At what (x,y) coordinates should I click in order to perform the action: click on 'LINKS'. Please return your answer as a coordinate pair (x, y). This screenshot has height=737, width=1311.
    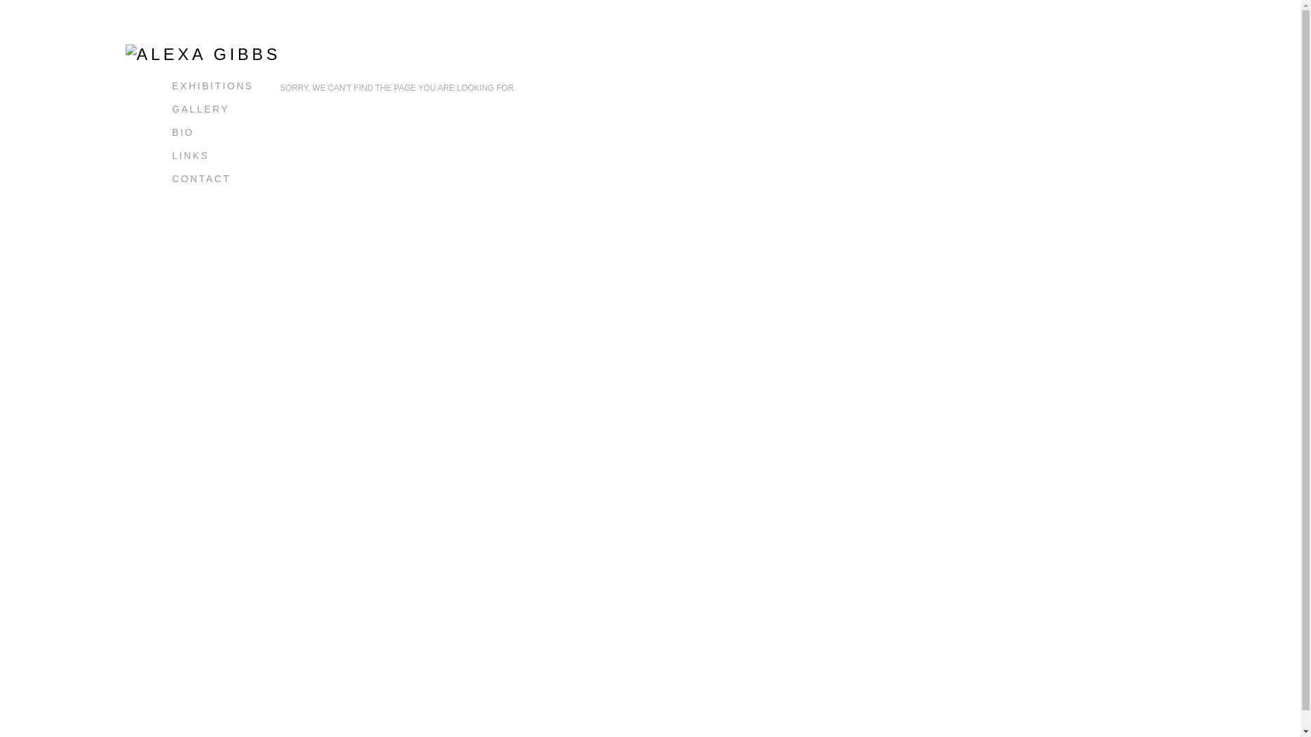
    Looking at the image, I should click on (189, 154).